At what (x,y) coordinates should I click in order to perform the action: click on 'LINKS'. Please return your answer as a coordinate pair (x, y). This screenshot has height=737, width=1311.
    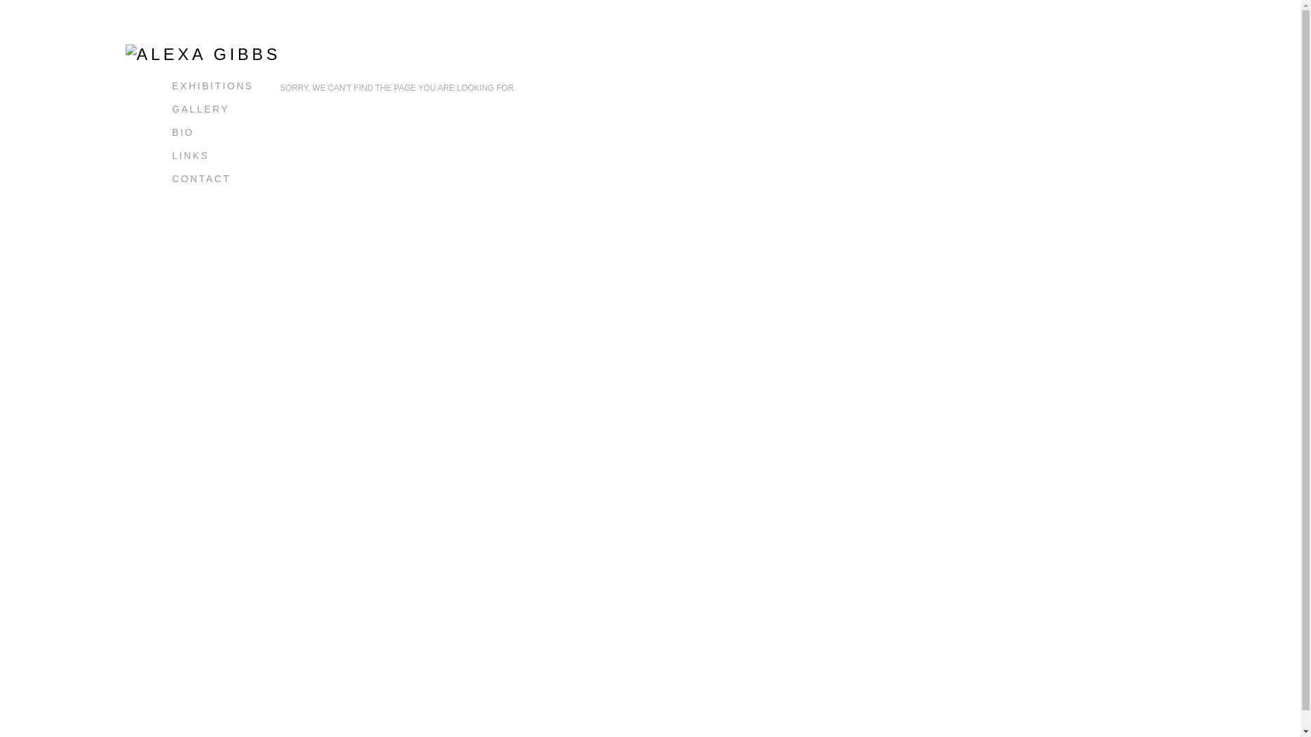
    Looking at the image, I should click on (189, 154).